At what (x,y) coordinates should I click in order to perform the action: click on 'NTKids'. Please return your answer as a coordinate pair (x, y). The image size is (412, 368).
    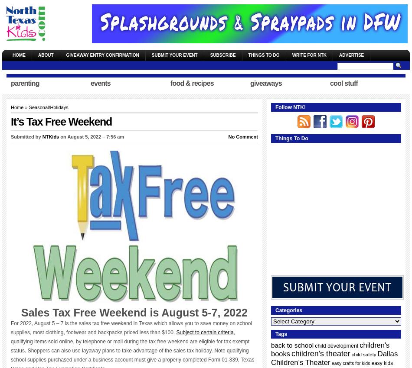
    Looking at the image, I should click on (50, 137).